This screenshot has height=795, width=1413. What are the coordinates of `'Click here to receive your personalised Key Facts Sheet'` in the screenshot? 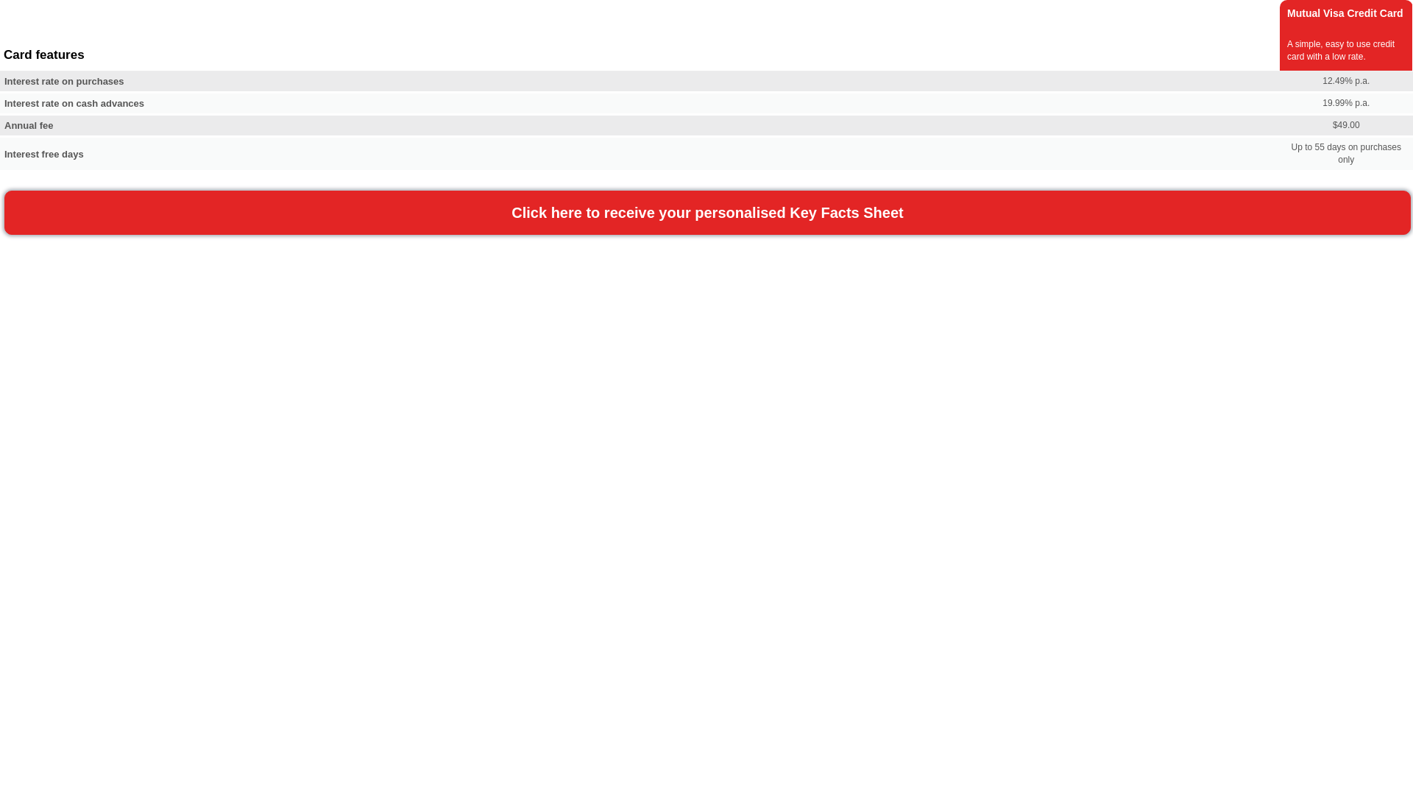 It's located at (707, 213).